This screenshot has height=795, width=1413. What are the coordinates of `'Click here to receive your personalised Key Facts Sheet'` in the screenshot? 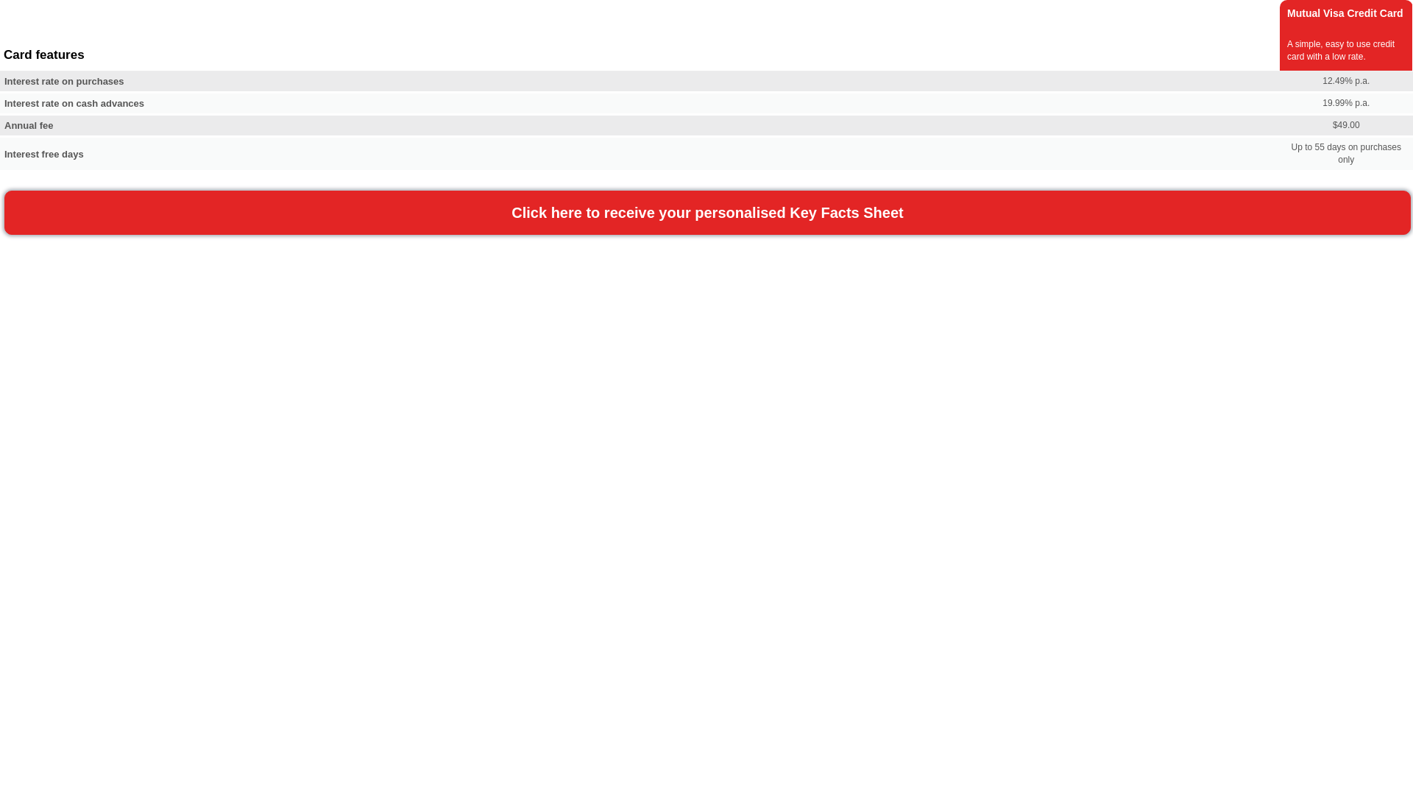 It's located at (707, 213).